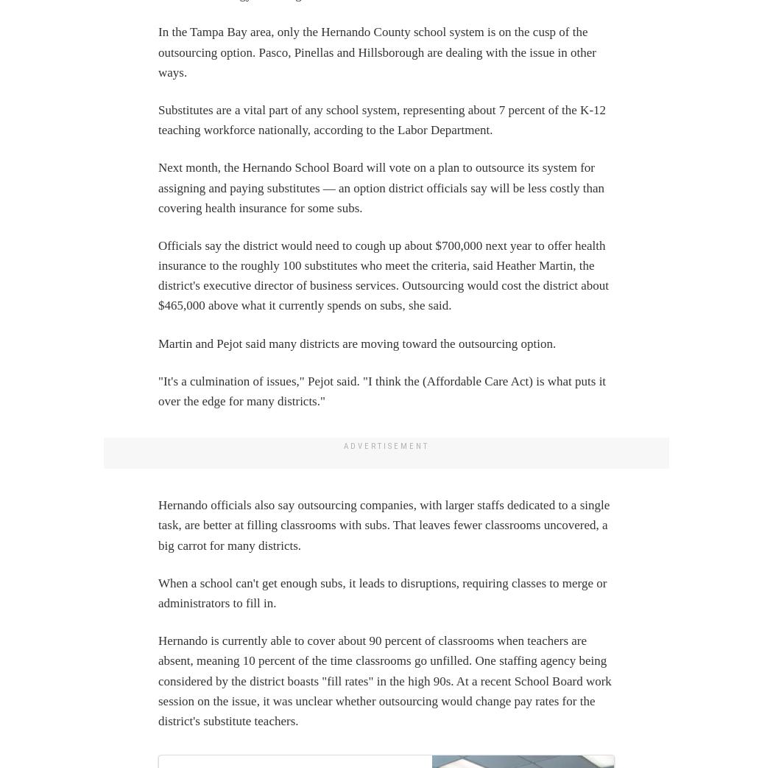 The width and height of the screenshot is (773, 768). Describe the element at coordinates (500, 24) in the screenshot. I see `'17 Tampa Bay spots where you can get a great sandwich'` at that location.